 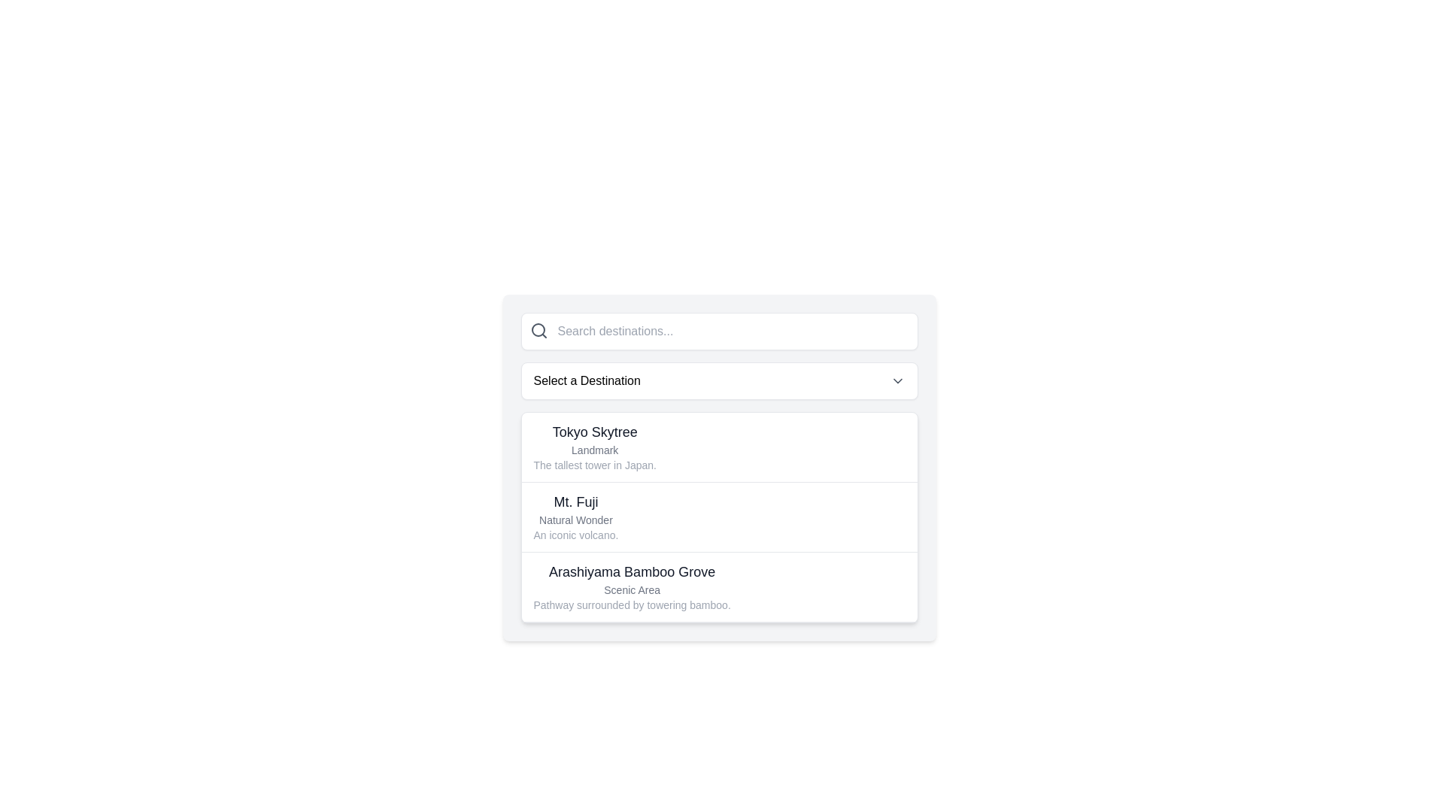 What do you see at coordinates (538, 329) in the screenshot?
I see `the SVG Circle element, which is a circular shape with a radius of 8 units located within the search icon at the top-left corner of the search bar` at bounding box center [538, 329].